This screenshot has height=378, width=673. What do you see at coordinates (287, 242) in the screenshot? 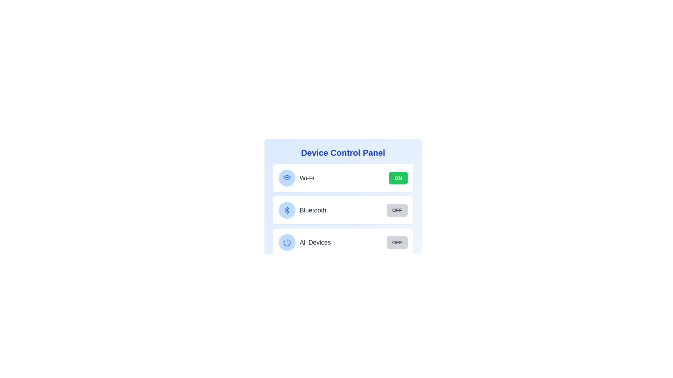
I see `the power icon representing the 'All Devices' functionality in the 'Device Control Panel' interface` at bounding box center [287, 242].